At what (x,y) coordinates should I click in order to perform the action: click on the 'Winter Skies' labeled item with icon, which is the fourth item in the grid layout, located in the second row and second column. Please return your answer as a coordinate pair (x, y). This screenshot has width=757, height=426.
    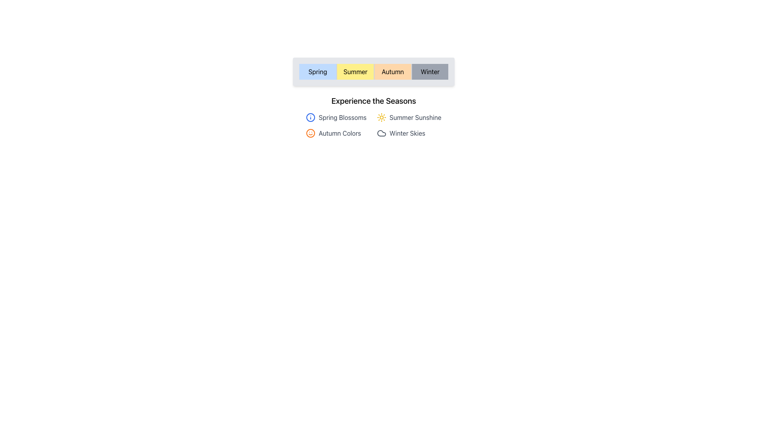
    Looking at the image, I should click on (409, 133).